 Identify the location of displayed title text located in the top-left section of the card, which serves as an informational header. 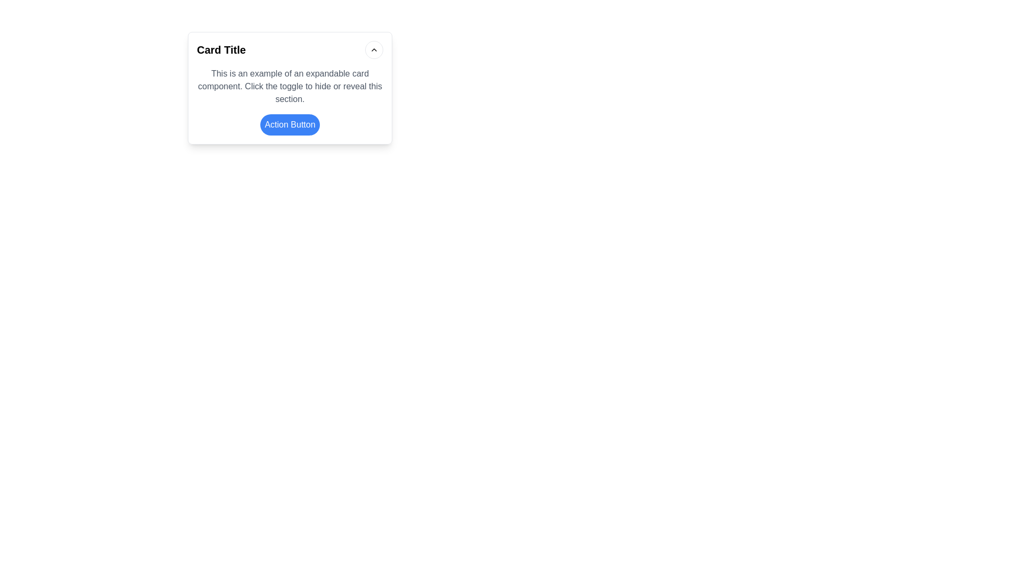
(220, 49).